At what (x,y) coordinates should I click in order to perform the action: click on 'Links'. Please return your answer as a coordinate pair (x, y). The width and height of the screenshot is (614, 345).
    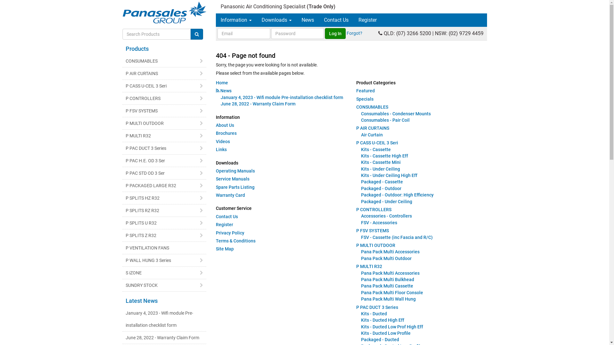
    Looking at the image, I should click on (221, 149).